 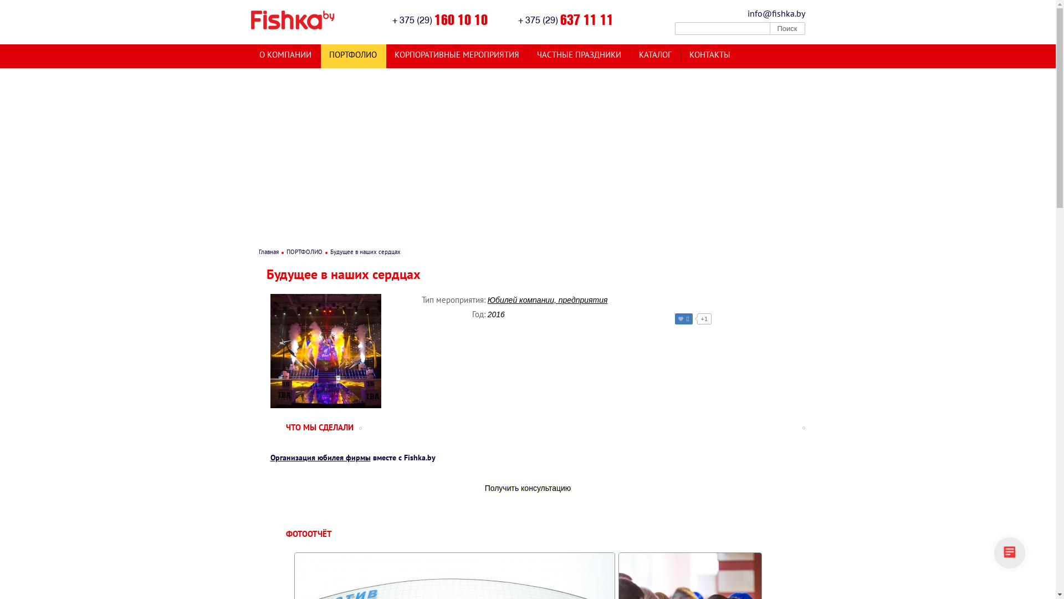 I want to click on '+ 375 (29) 160 10 10', so click(x=392, y=19).